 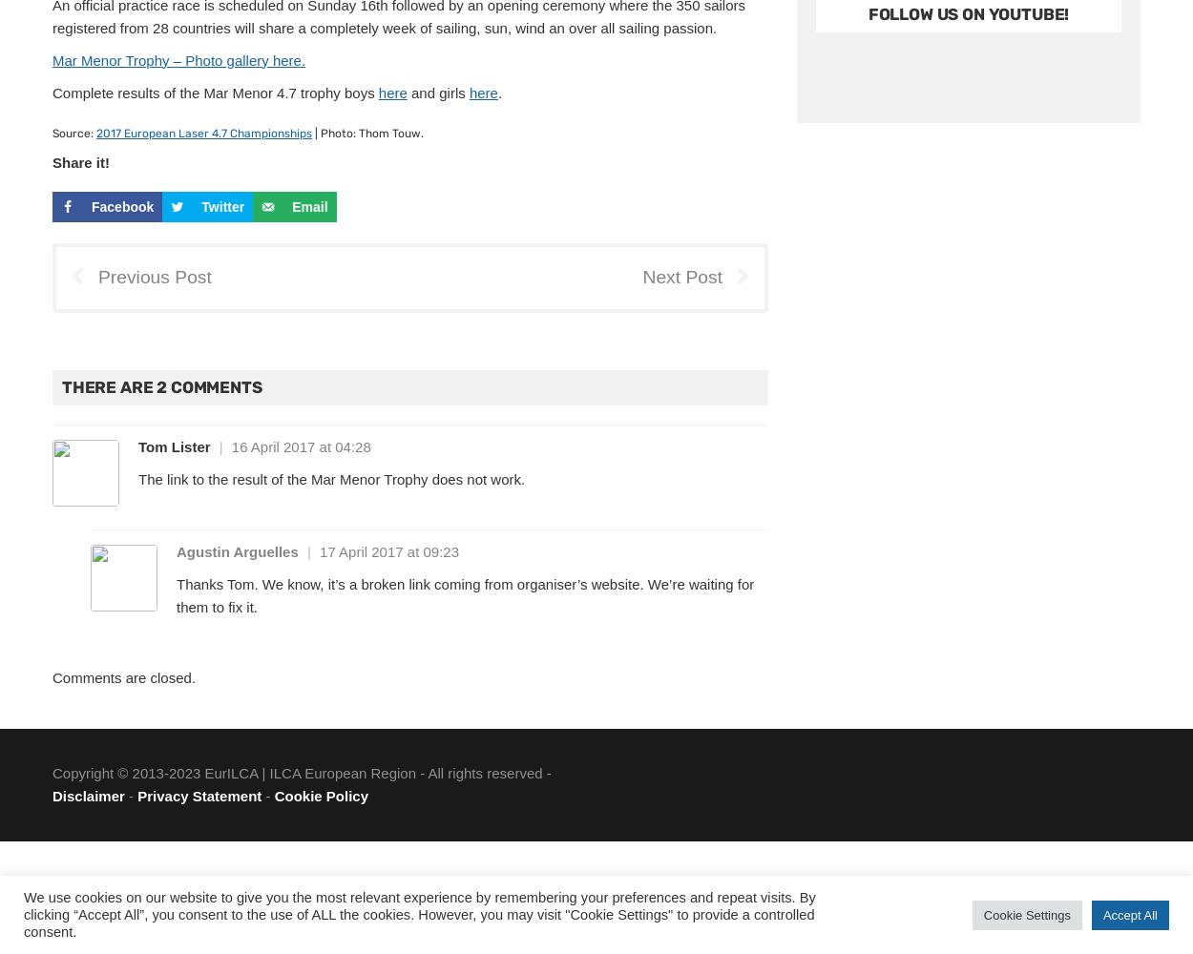 What do you see at coordinates (301, 773) in the screenshot?
I see `'Copyright © 2013-2023 EurILCA | ILCA European Region - All rights reserved -'` at bounding box center [301, 773].